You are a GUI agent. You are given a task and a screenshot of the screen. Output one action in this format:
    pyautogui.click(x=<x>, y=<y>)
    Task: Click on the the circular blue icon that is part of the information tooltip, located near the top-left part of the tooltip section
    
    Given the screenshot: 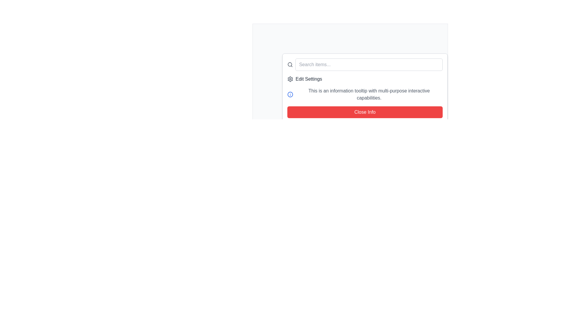 What is the action you would take?
    pyautogui.click(x=290, y=94)
    